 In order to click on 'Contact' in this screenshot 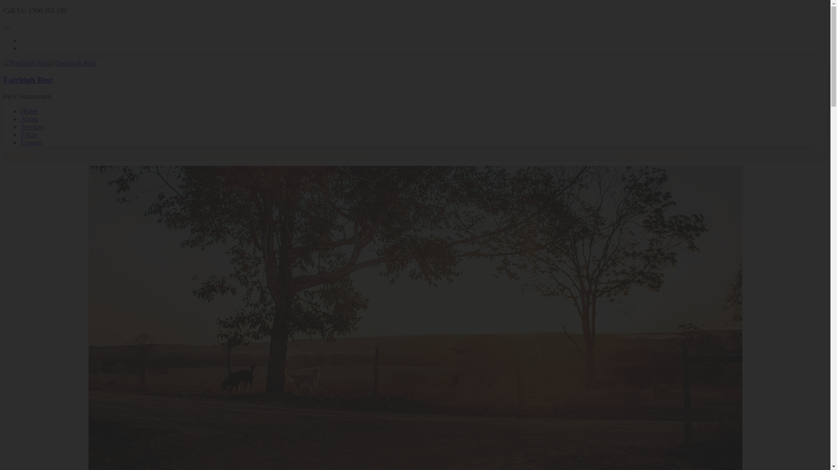, I will do `click(31, 142)`.